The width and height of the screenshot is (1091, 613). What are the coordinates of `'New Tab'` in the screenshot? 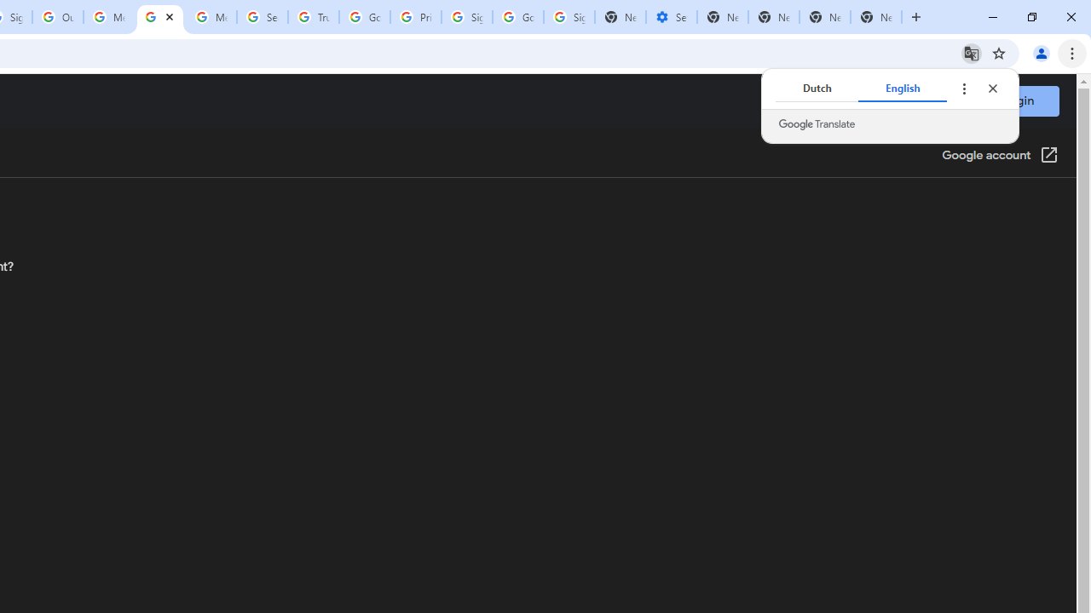 It's located at (876, 17).